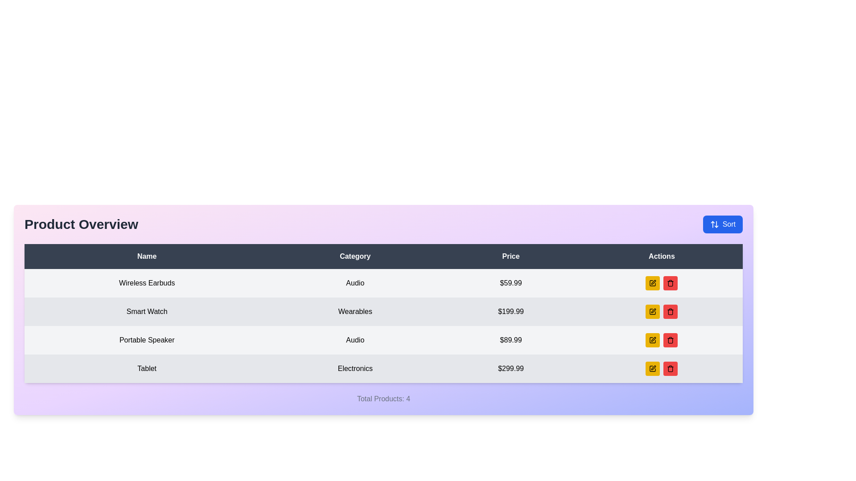  What do you see at coordinates (511, 256) in the screenshot?
I see `the 'Price' text label, which is displayed in bold white font on a dark blue background, located in the third column of the table header` at bounding box center [511, 256].